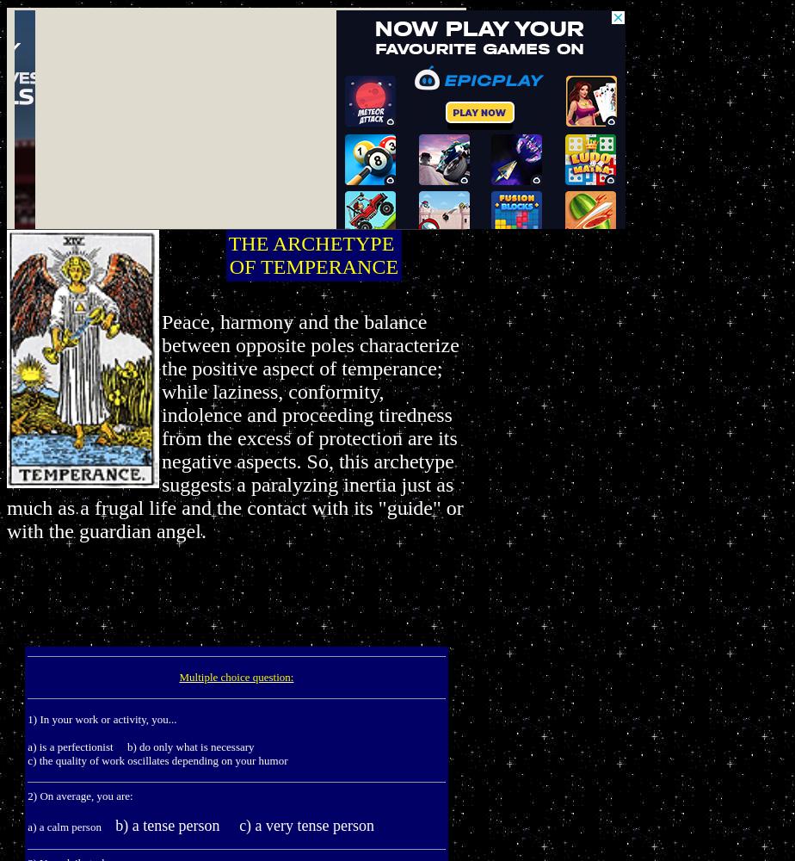 The image size is (795, 861). Describe the element at coordinates (190, 746) in the screenshot. I see `'b) do only what is necessary'` at that location.